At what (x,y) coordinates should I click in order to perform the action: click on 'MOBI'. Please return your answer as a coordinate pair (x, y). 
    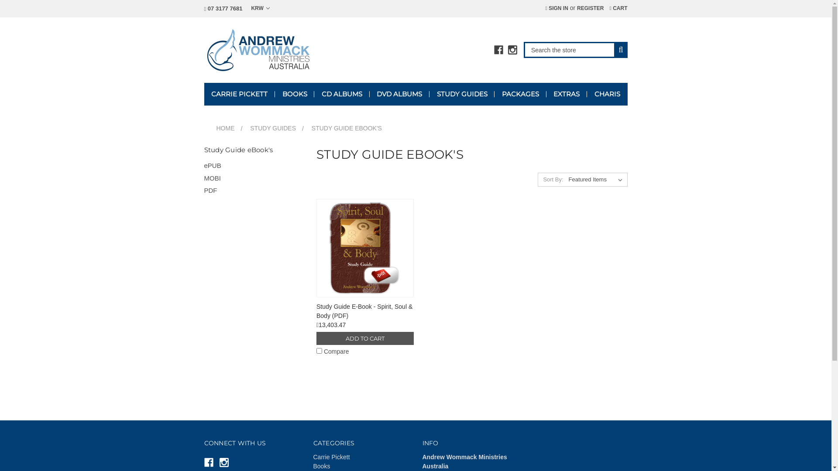
    Looking at the image, I should click on (203, 178).